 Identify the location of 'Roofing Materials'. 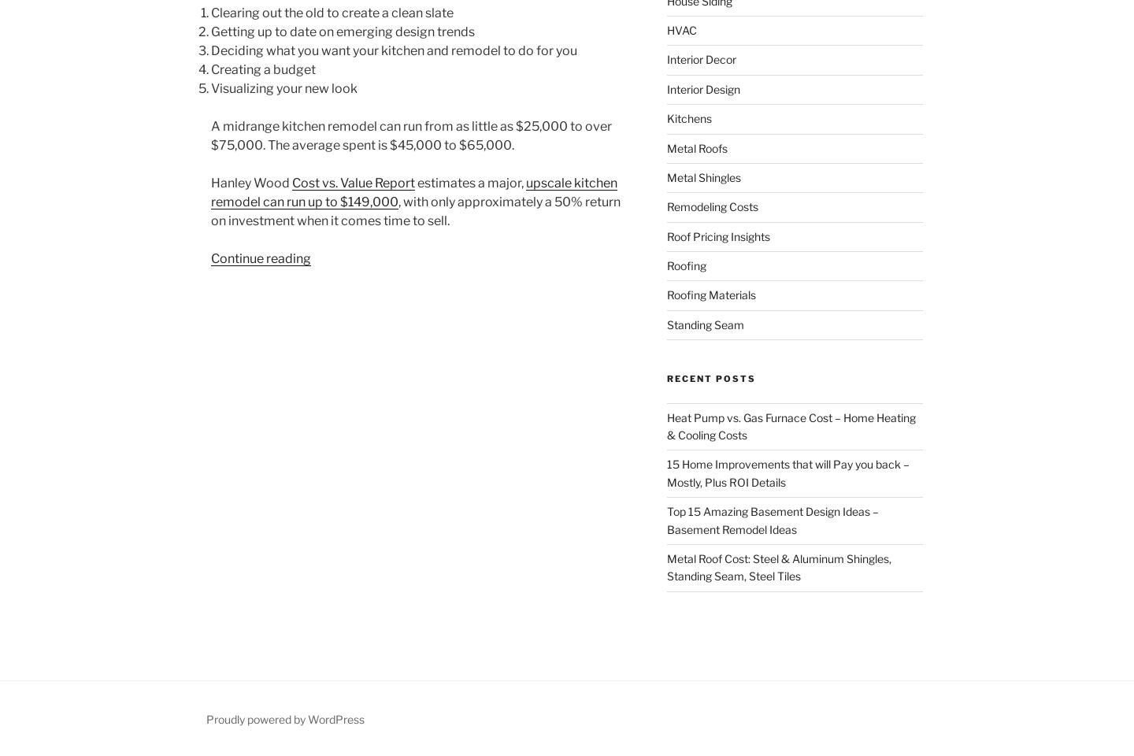
(710, 294).